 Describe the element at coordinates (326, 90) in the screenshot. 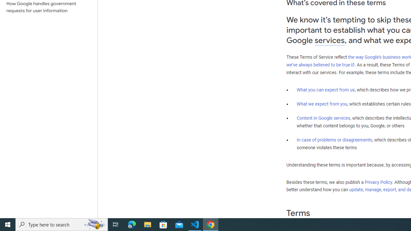

I see `'What you can expect from us'` at that location.